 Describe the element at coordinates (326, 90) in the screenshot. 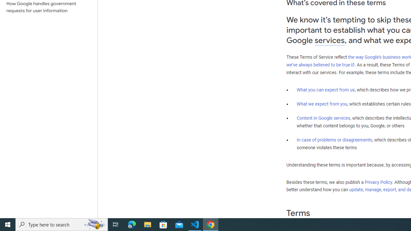

I see `'What you can expect from us'` at that location.